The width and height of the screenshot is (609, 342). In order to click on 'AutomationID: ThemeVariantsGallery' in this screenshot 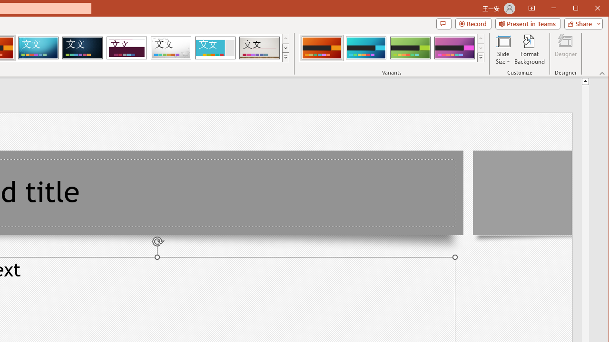, I will do `click(392, 48)`.